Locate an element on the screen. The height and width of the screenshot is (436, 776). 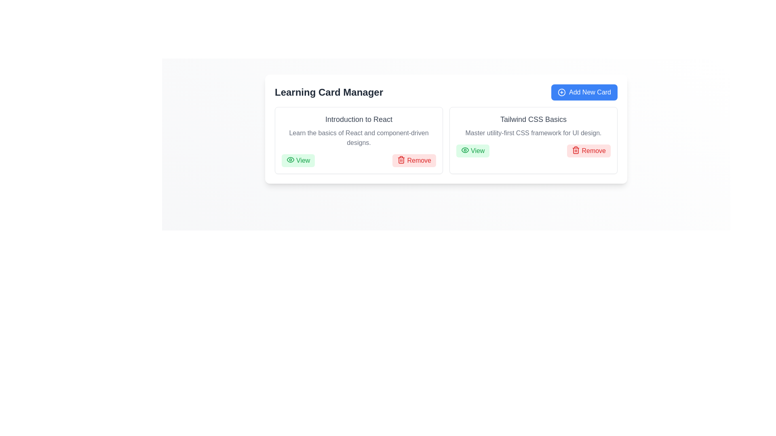
text element displaying 'Tailwind CSS Basics', which is prominently featured in bold and large font within the upper section of the right-side card under the title 'Learning Card Manager' is located at coordinates (533, 119).